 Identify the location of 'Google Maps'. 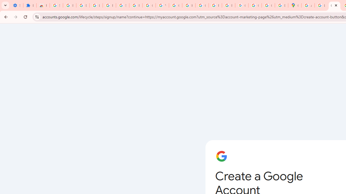
(294, 5).